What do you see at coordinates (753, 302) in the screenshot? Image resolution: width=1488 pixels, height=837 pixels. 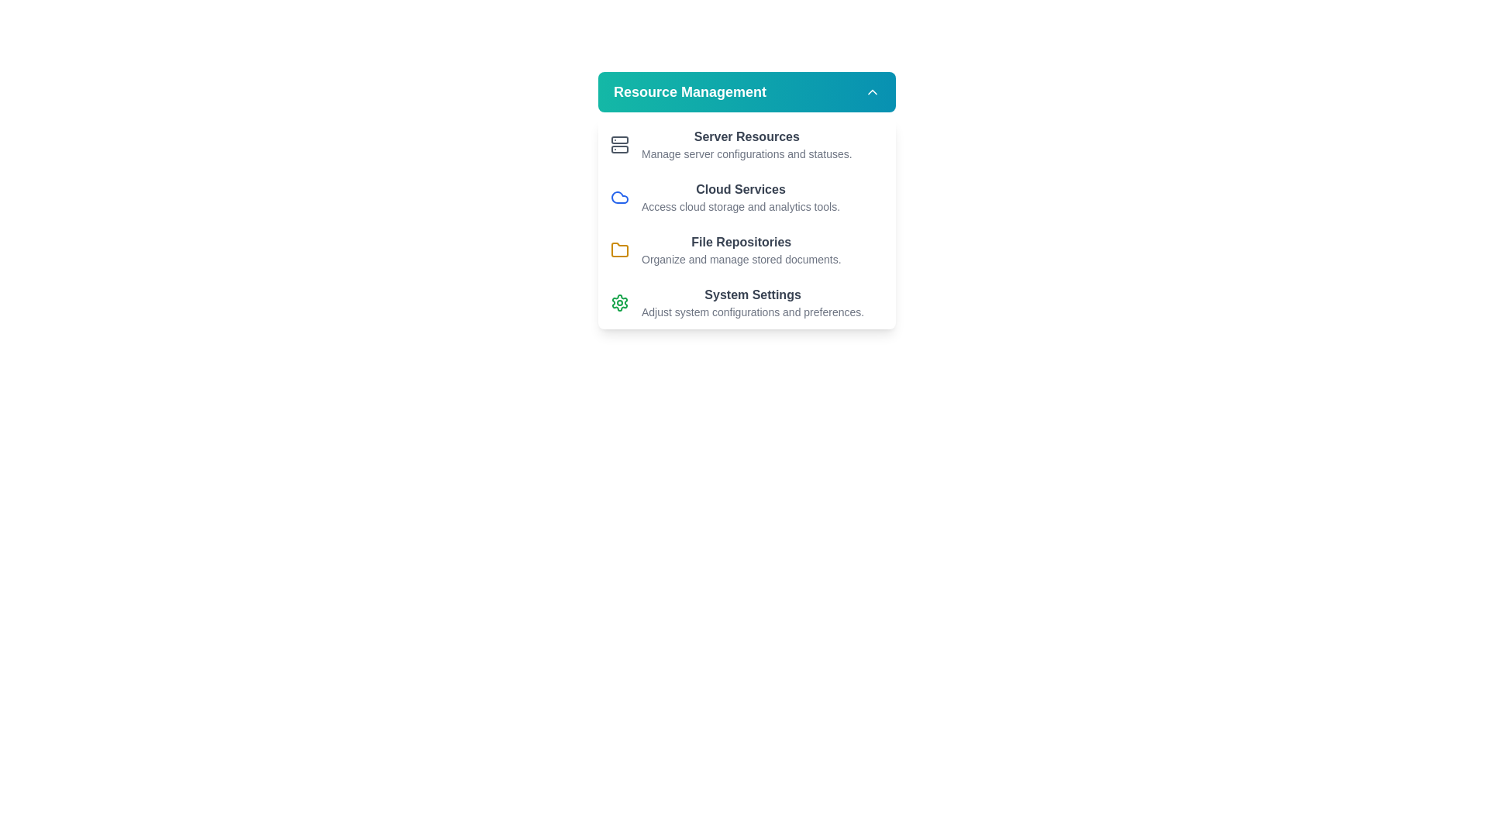 I see `the text-based menu item that signifies access to the system settings interface, located in the 'Resource Management' section as the fourth item in the list, below 'File Repositories'` at bounding box center [753, 302].